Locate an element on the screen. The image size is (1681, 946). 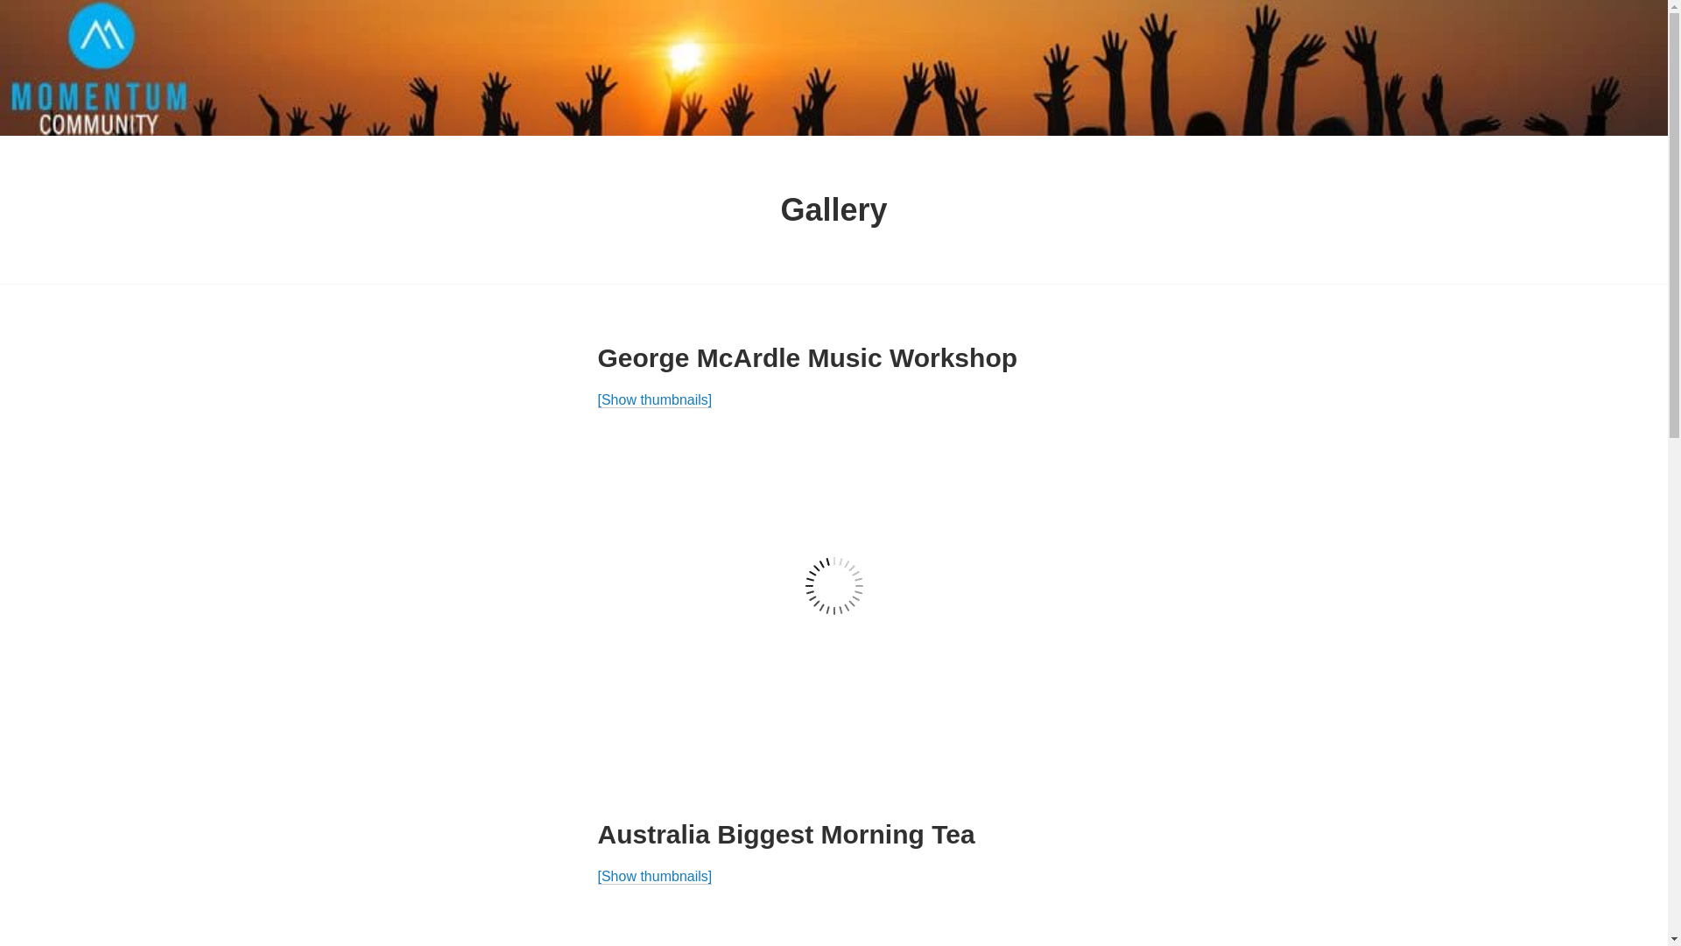
'[Show thumbnails]' is located at coordinates (653, 399).